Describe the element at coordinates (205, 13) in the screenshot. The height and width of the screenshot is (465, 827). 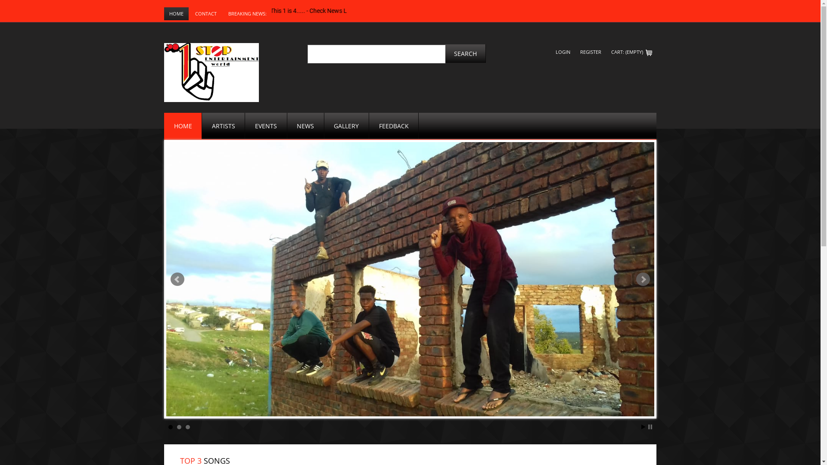
I see `'CONTACT'` at that location.